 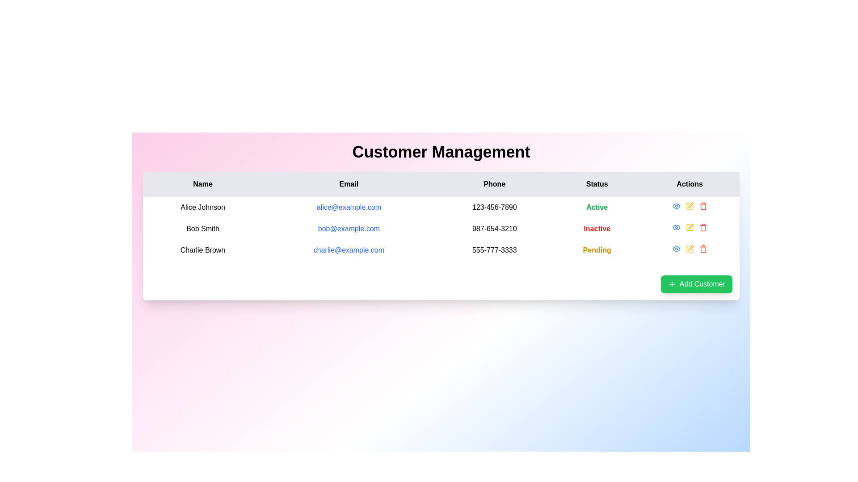 What do you see at coordinates (348, 229) in the screenshot?
I see `the text label styled in blue font that reads 'bob@example.com', located in the second row of the 'Email' column within the Customer Management page table` at bounding box center [348, 229].